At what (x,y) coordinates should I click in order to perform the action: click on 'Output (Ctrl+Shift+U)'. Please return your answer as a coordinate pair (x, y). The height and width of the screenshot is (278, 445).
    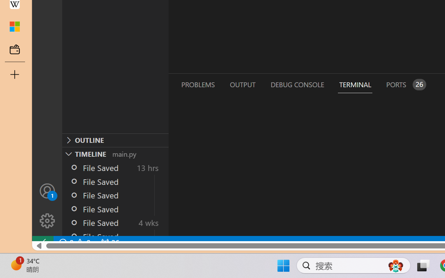
    Looking at the image, I should click on (242, 84).